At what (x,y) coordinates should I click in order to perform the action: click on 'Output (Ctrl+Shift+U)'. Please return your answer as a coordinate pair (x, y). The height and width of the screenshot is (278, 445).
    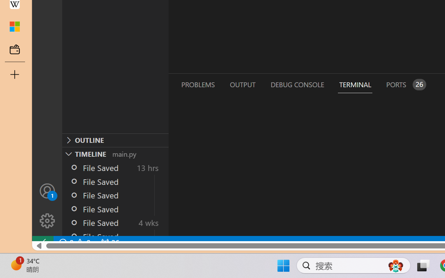
    Looking at the image, I should click on (242, 84).